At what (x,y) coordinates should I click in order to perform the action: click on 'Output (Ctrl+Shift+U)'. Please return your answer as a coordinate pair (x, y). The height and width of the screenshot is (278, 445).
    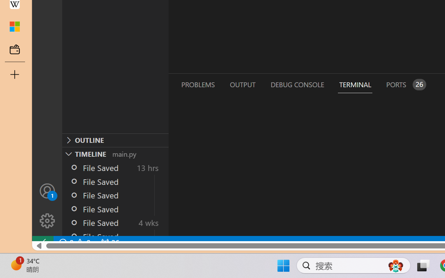
    Looking at the image, I should click on (242, 84).